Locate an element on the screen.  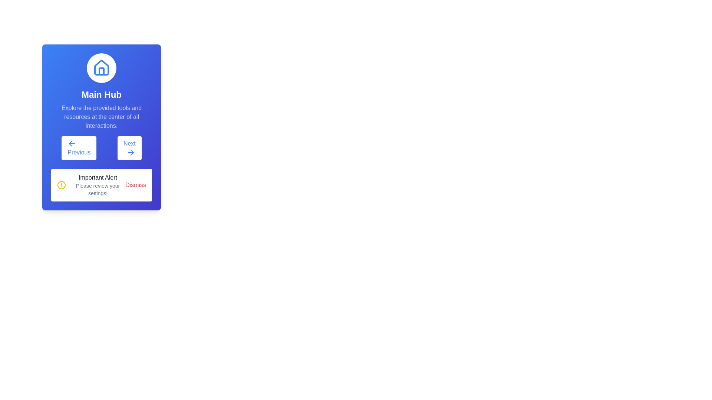
the rectangular bottom part of the house icon, which is within an outlined circle at the top section of the card-like UI element is located at coordinates (101, 71).